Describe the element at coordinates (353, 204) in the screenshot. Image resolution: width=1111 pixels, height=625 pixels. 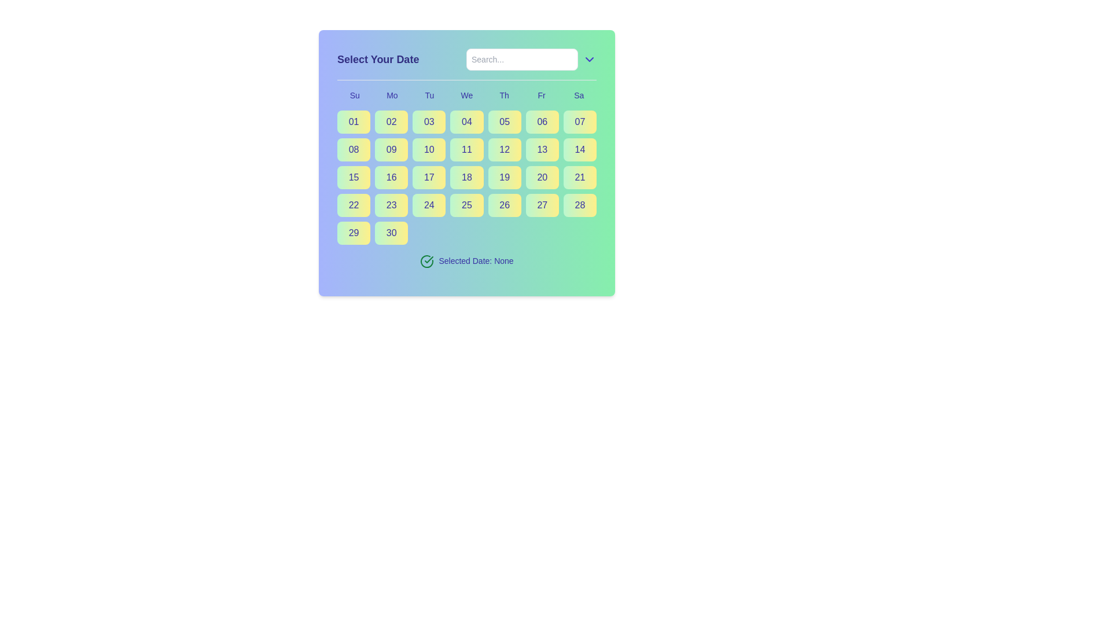
I see `the button in the first column of the fourth row of the date-picker grid` at that location.